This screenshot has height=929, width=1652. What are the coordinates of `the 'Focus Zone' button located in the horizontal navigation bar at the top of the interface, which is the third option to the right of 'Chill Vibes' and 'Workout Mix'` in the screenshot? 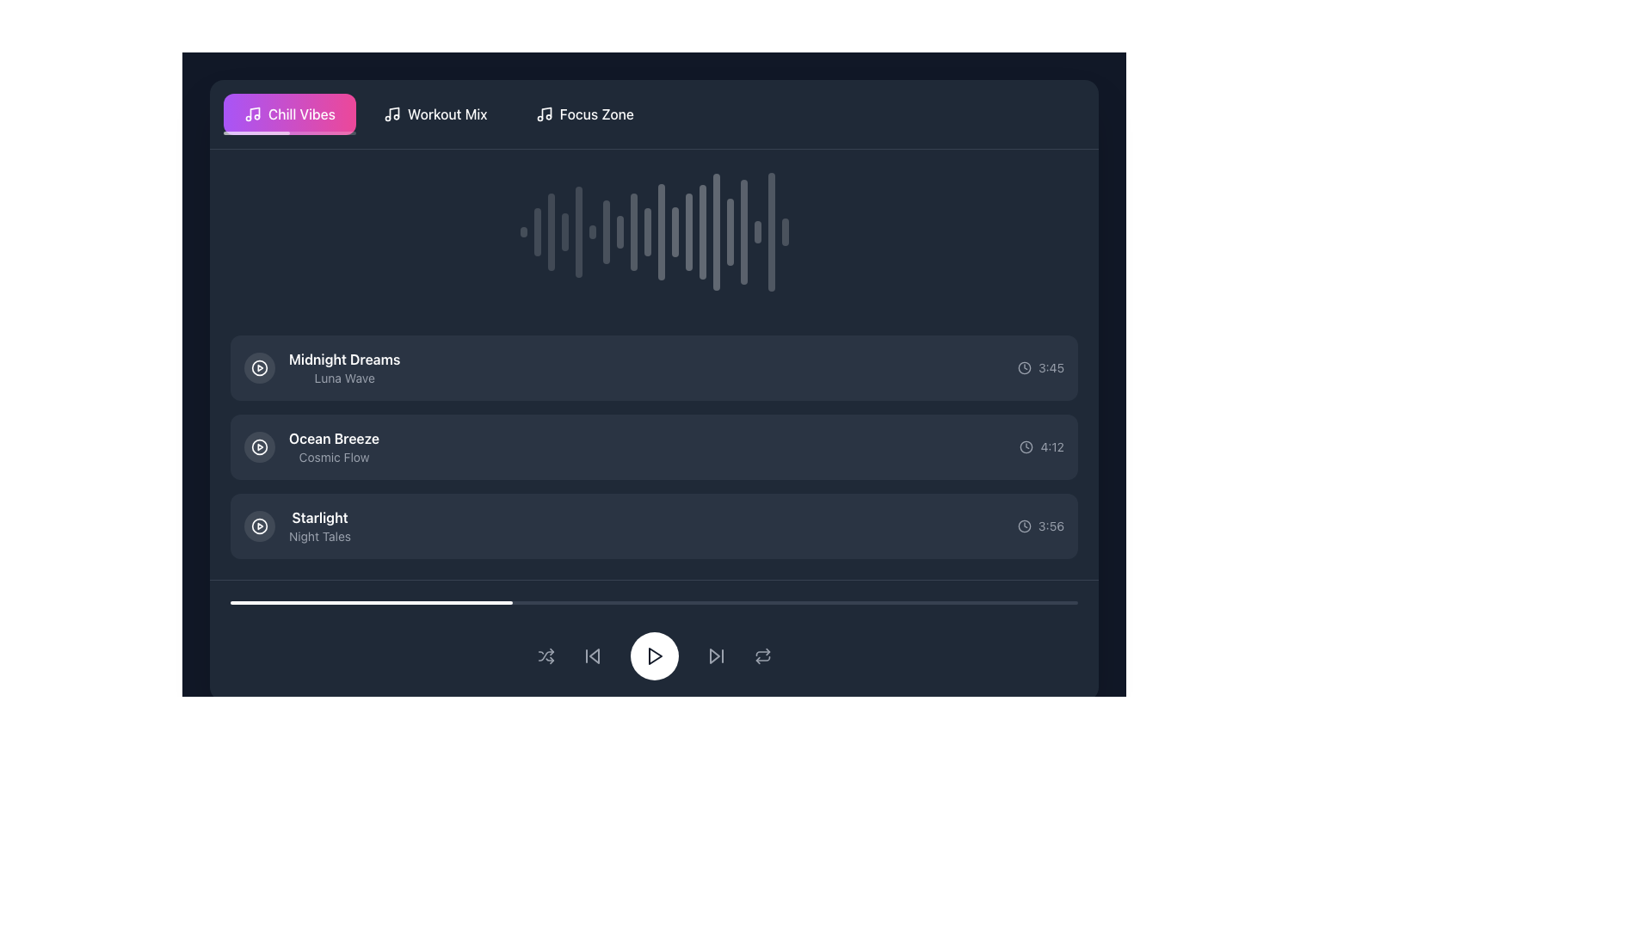 It's located at (584, 114).